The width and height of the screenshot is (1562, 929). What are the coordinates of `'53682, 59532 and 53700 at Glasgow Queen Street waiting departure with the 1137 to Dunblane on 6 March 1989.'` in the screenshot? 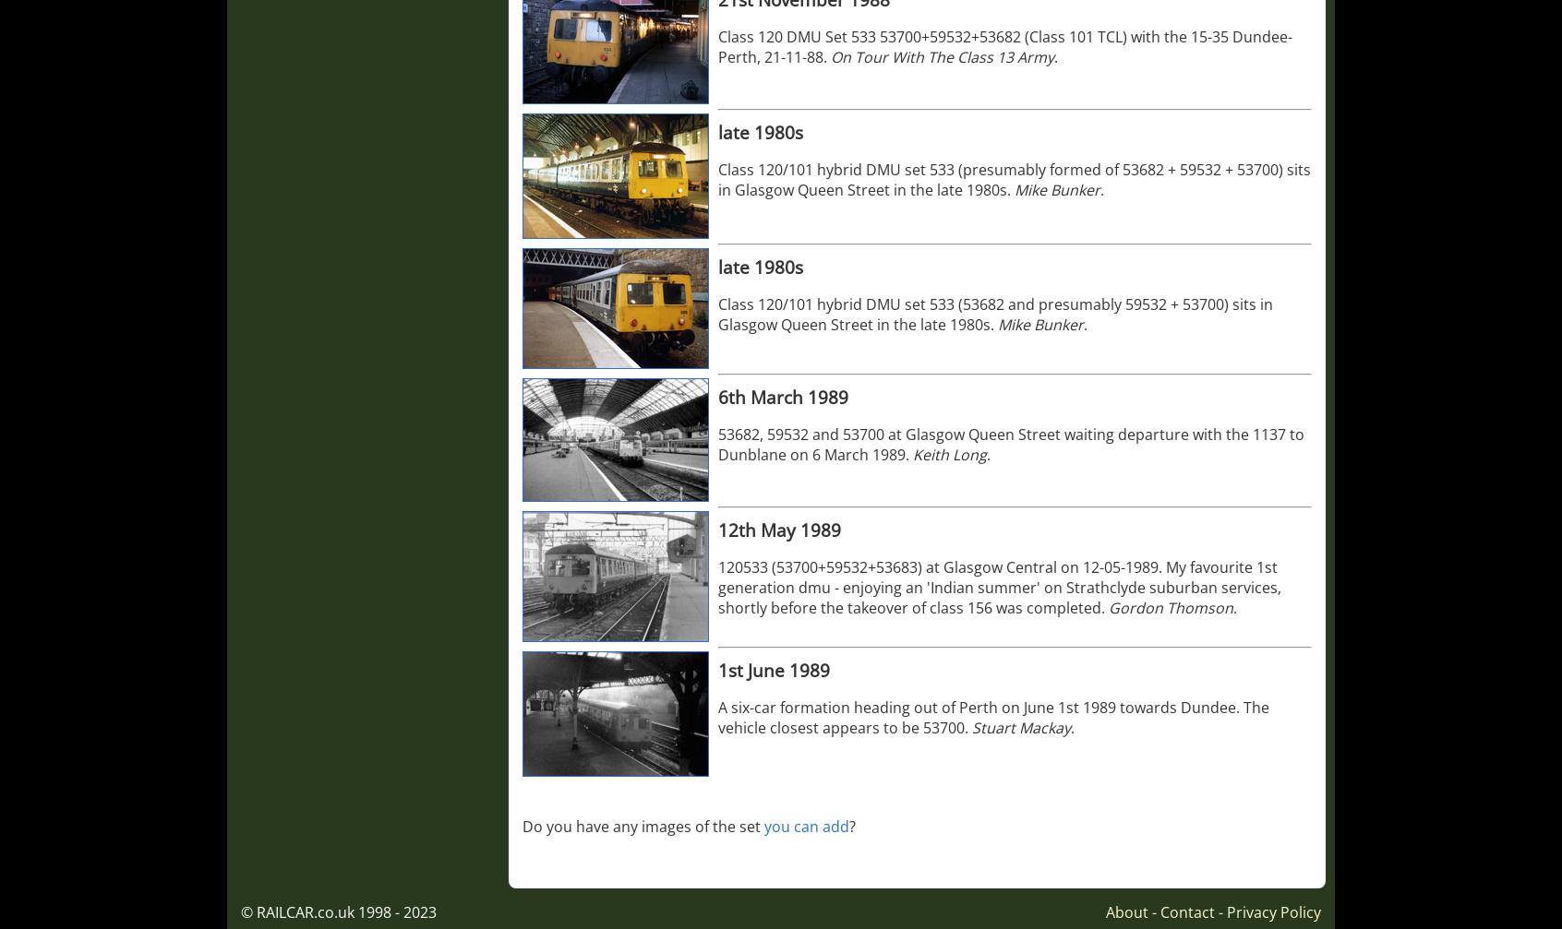 It's located at (717, 444).